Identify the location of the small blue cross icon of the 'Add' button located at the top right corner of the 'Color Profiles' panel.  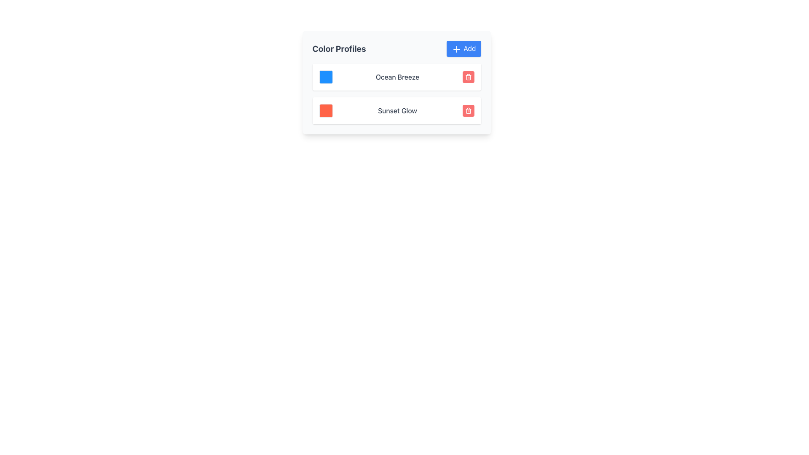
(456, 49).